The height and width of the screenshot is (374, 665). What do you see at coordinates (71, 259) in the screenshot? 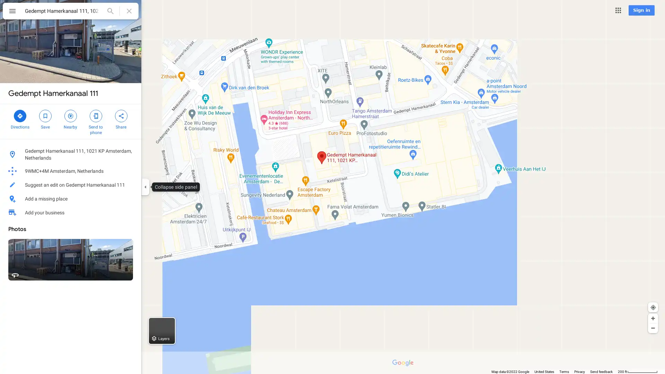
I see `Street View` at bounding box center [71, 259].